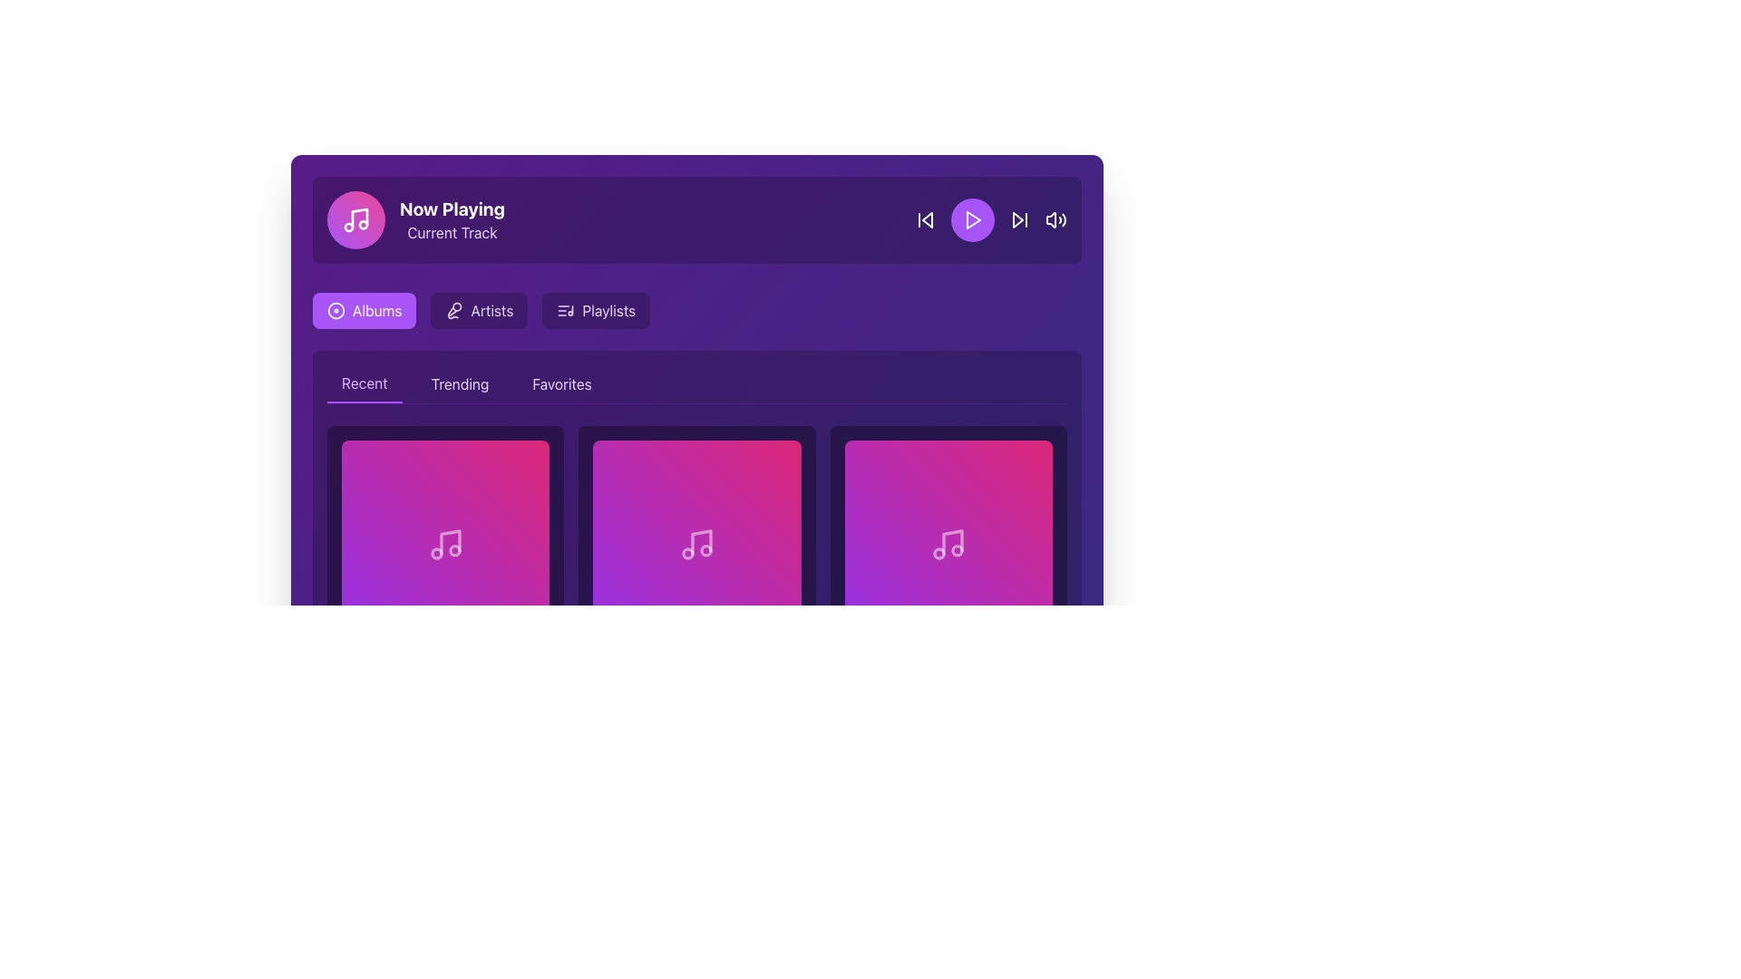  Describe the element at coordinates (695, 543) in the screenshot. I see `the decorative placeholder element for a track or album located in the grid under the 'Recent' tab of the 'Albums' section, specifically the second square from the left in the row` at that location.